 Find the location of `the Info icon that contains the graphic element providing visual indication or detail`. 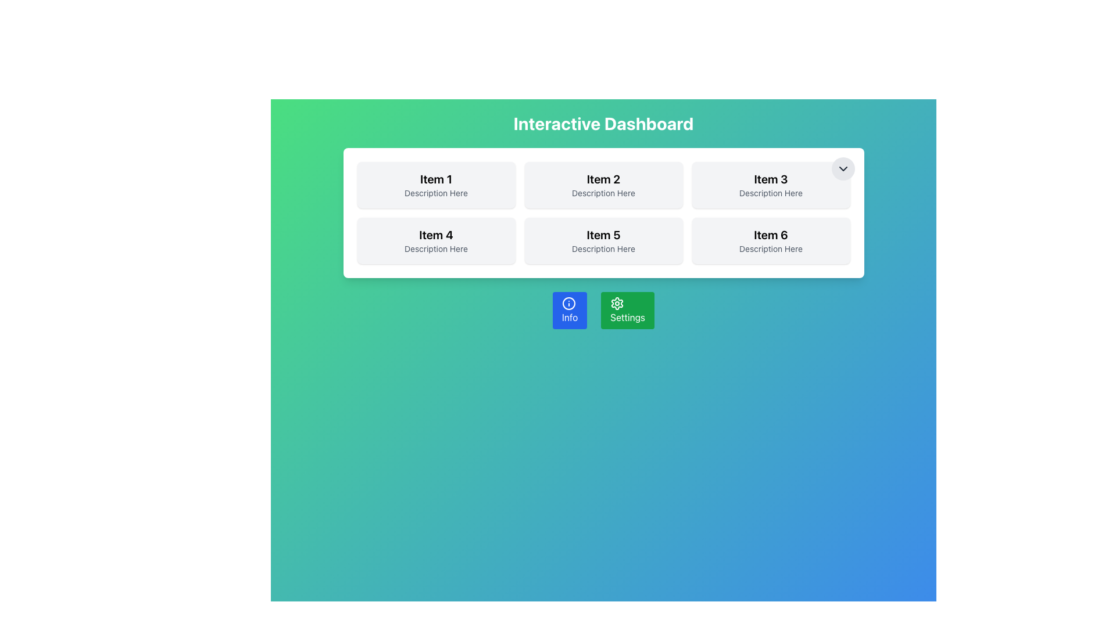

the Info icon that contains the graphic element providing visual indication or detail is located at coordinates (569, 303).